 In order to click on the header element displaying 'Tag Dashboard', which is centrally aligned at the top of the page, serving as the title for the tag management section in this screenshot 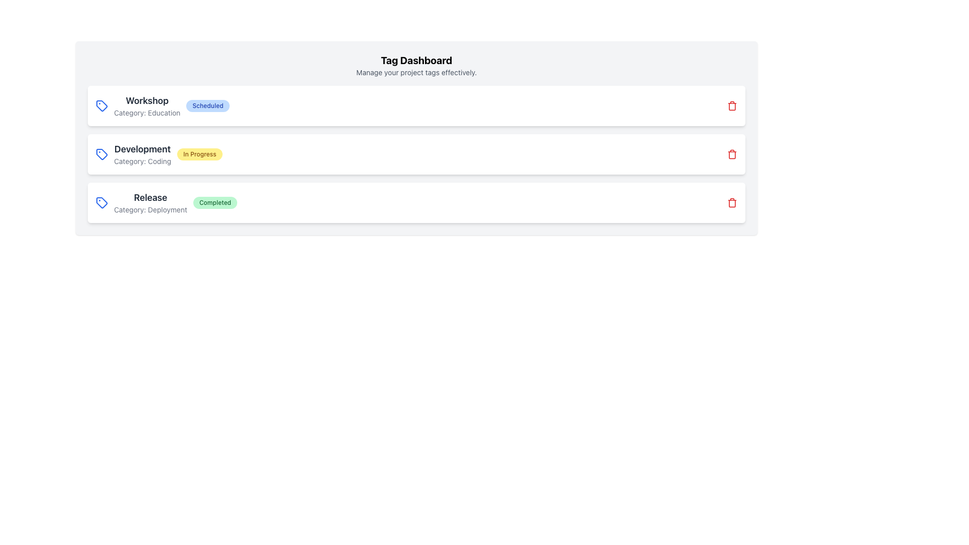, I will do `click(416, 60)`.